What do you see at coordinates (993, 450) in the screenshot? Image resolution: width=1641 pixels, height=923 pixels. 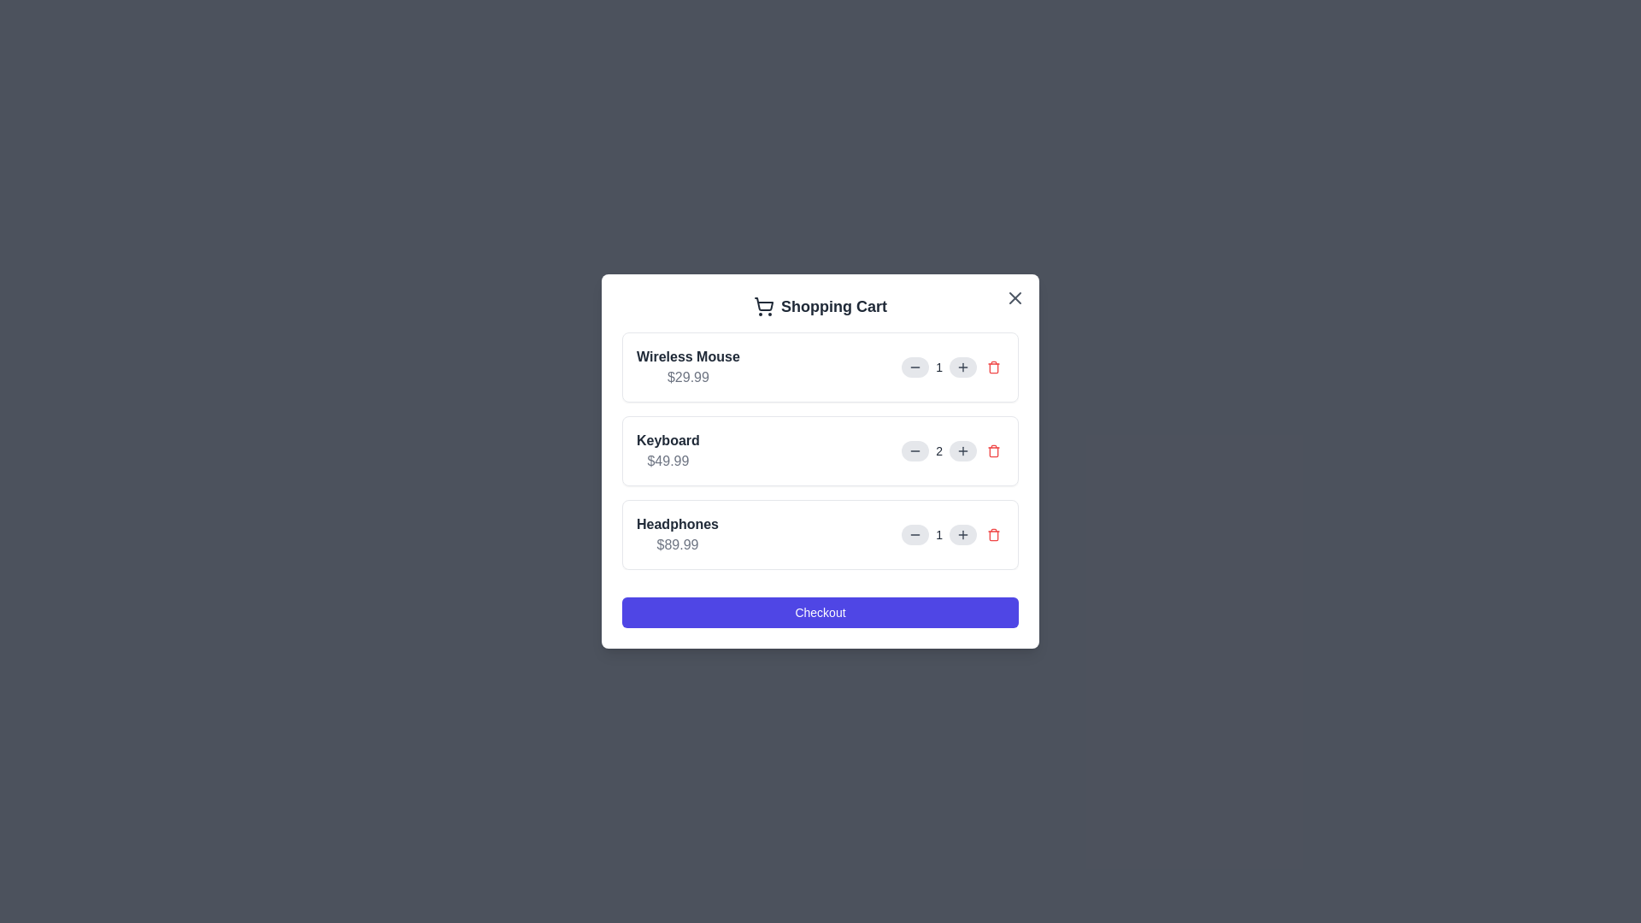 I see `the button located on the rightmost section of the second row of the shopping cart, which is used` at bounding box center [993, 450].